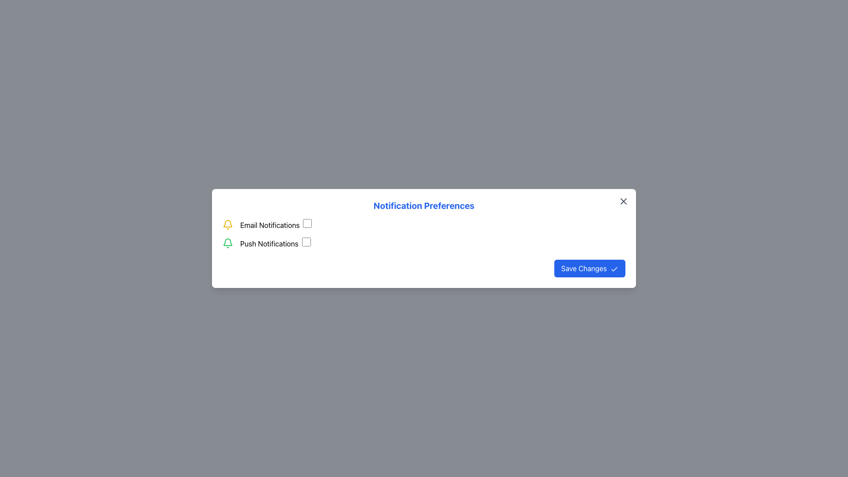 The width and height of the screenshot is (848, 477). What do you see at coordinates (269, 243) in the screenshot?
I see `the 'Push Notifications' text label which is bold and located below 'Email Notifications', next to a green bell icon and a checkbox` at bounding box center [269, 243].